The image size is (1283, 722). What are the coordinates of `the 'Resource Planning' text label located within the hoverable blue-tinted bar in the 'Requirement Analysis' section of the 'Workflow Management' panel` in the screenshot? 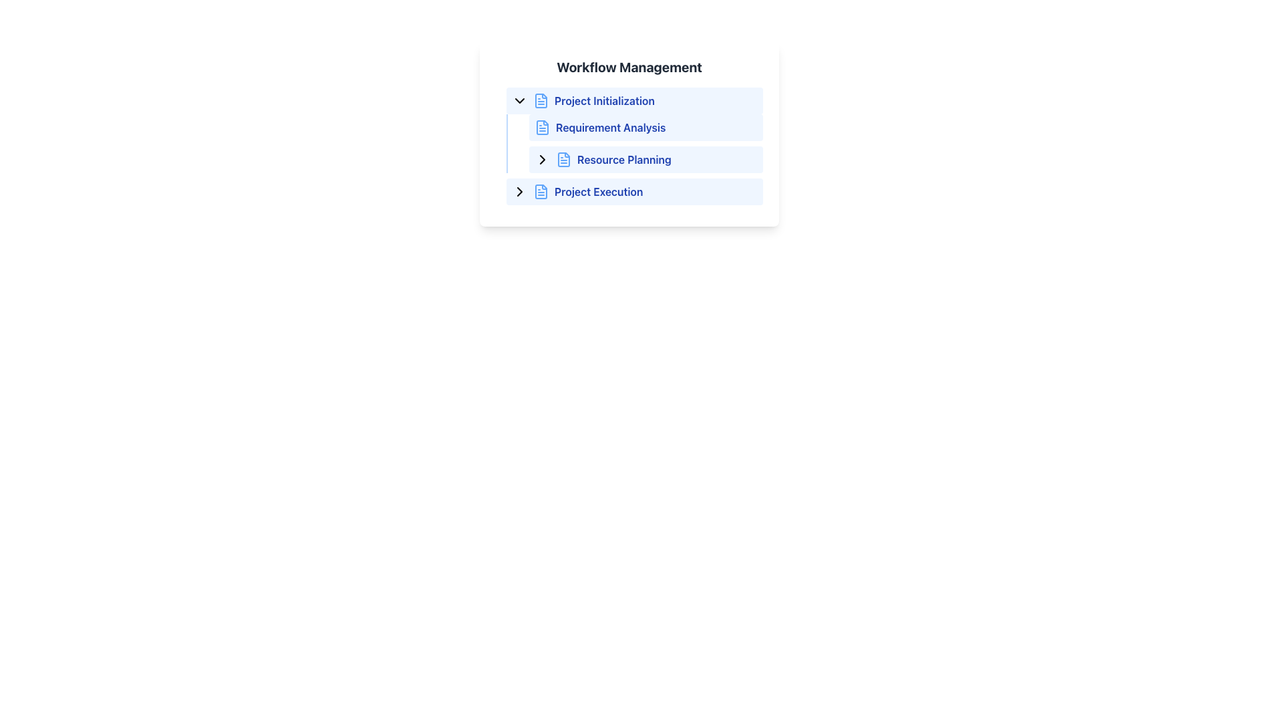 It's located at (623, 159).